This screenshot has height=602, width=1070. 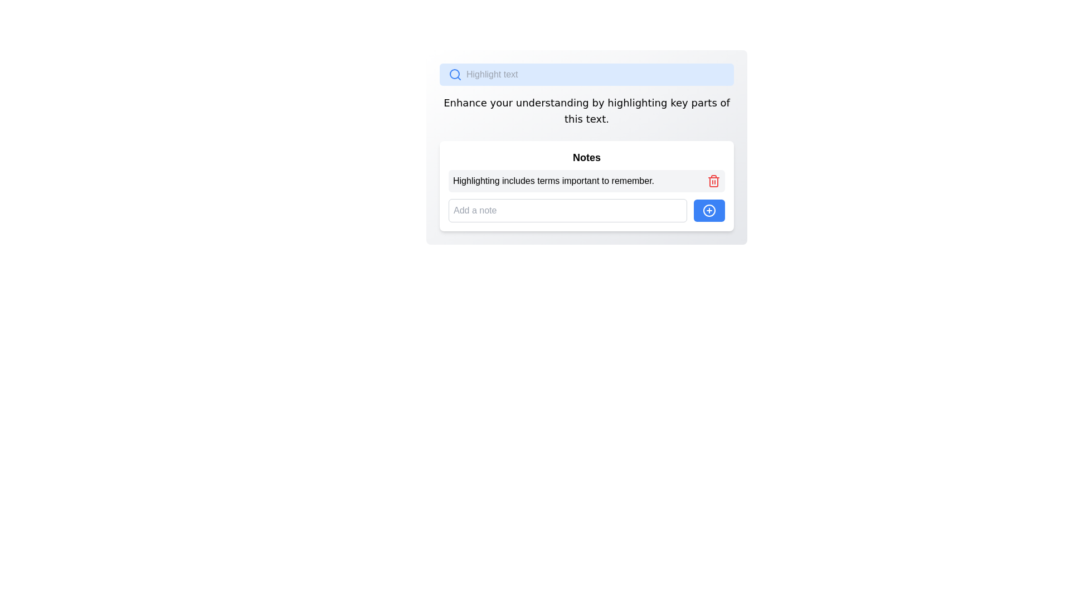 I want to click on the last character of the word 'your' in the instructional sentence 'Enhance your understanding by highlighting key parts of this text.', so click(x=510, y=103).